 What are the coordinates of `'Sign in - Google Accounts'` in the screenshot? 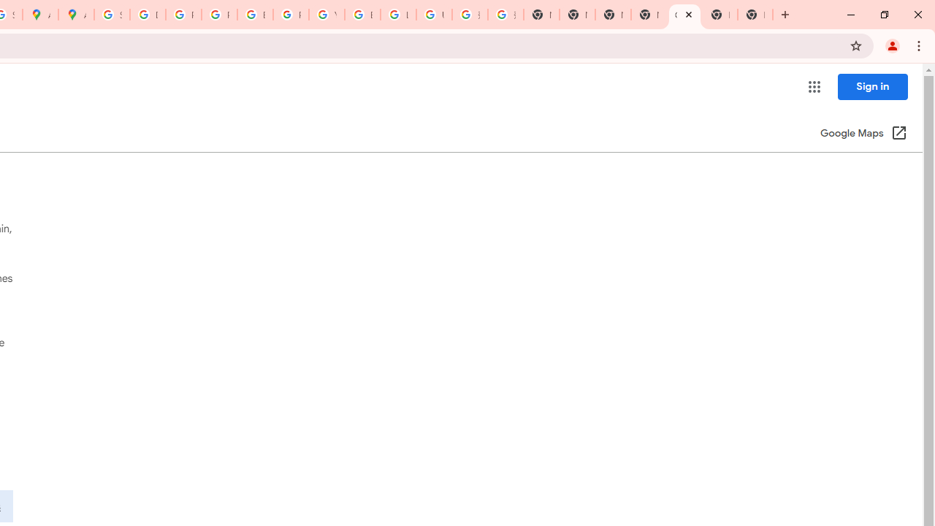 It's located at (111, 15).